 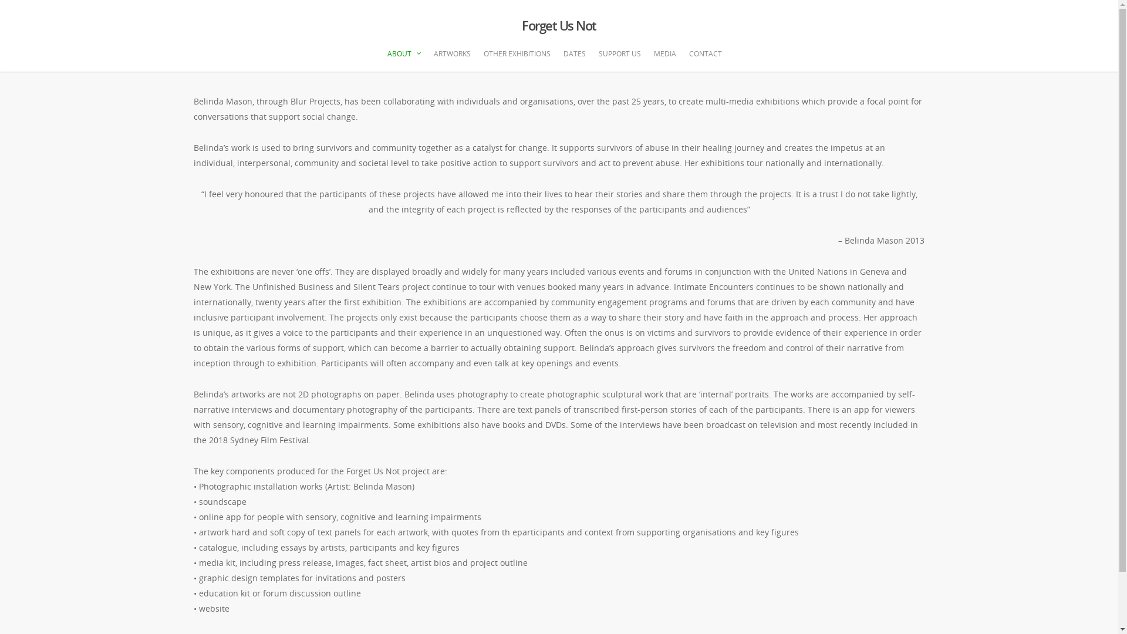 I want to click on 'MEDIA', so click(x=664, y=59).